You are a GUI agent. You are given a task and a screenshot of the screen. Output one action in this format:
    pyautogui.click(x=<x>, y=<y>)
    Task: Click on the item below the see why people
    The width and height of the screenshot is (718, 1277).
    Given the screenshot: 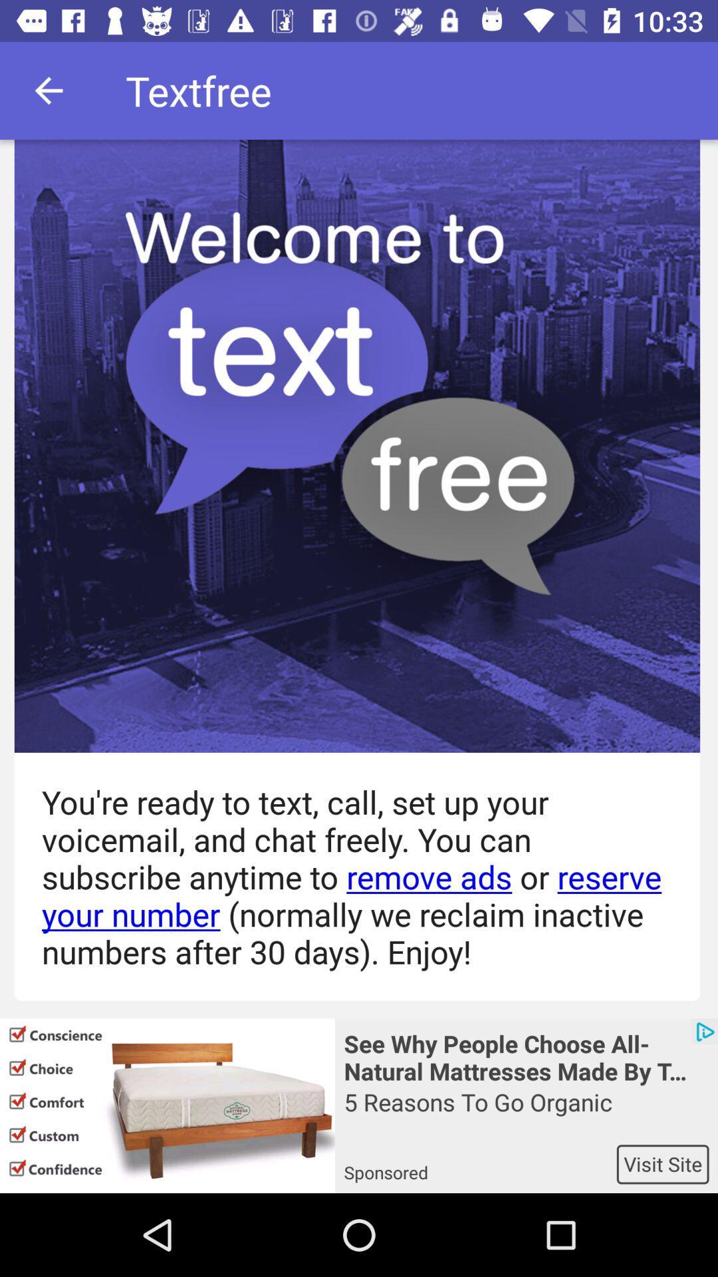 What is the action you would take?
    pyautogui.click(x=525, y=1115)
    